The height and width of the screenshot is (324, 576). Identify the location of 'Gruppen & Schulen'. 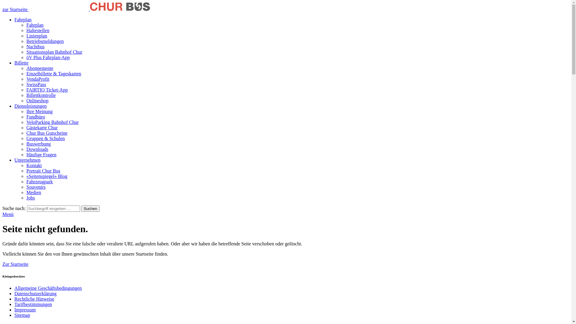
(45, 138).